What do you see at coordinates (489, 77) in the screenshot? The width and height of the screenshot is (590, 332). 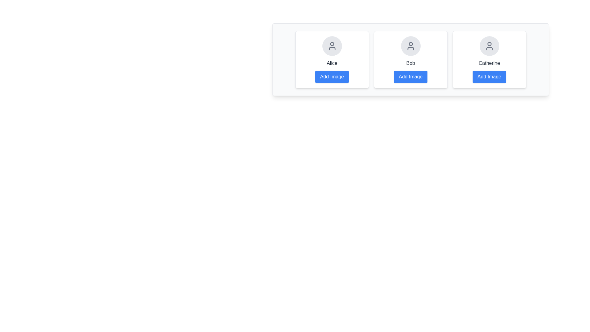 I see `'Add Image' button for Catherine` at bounding box center [489, 77].